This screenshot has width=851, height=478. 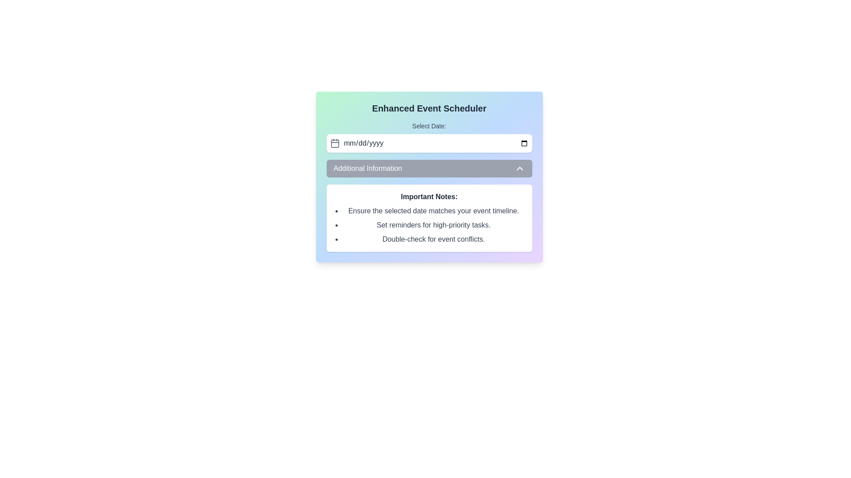 What do you see at coordinates (433, 239) in the screenshot?
I see `the text label that says 'Double-check for event conflicts.' which is the last entry in the bulleted list within the 'Important Notes' section of the 'Enhanced Event Scheduler.'` at bounding box center [433, 239].